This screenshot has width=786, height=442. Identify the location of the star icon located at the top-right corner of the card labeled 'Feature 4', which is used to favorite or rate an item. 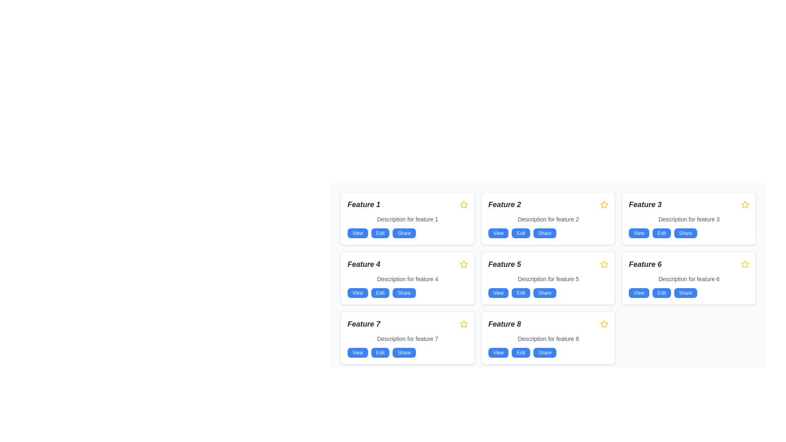
(463, 264).